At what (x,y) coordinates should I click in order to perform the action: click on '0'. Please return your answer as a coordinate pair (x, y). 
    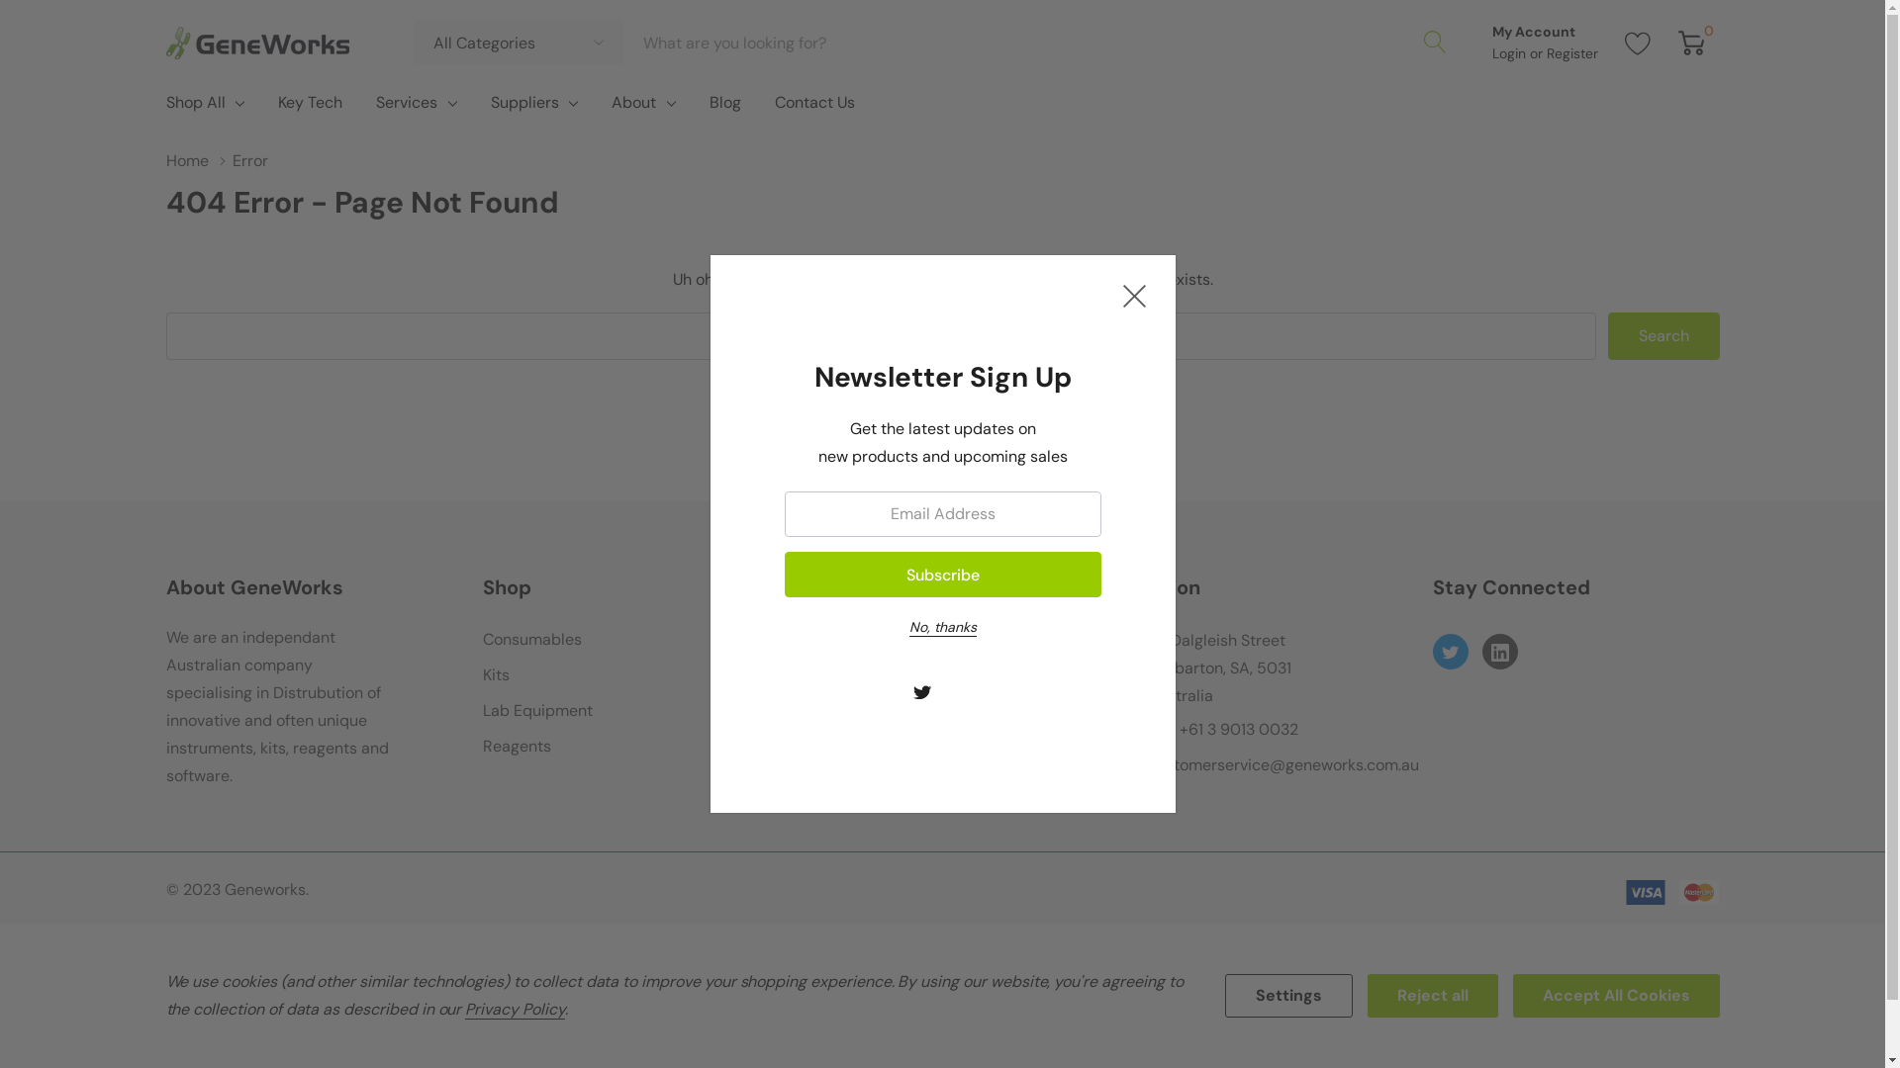
    Looking at the image, I should click on (1676, 42).